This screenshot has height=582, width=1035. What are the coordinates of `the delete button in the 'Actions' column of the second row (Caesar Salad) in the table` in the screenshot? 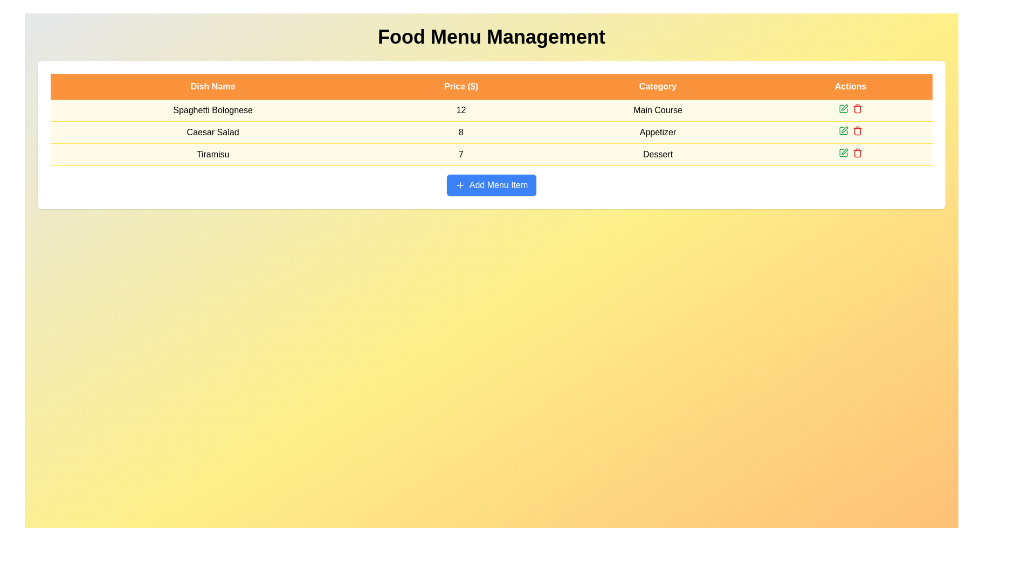 It's located at (857, 130).